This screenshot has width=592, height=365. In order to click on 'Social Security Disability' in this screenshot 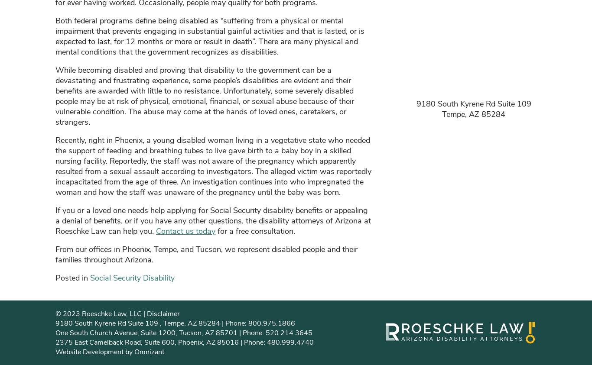, I will do `click(132, 277)`.